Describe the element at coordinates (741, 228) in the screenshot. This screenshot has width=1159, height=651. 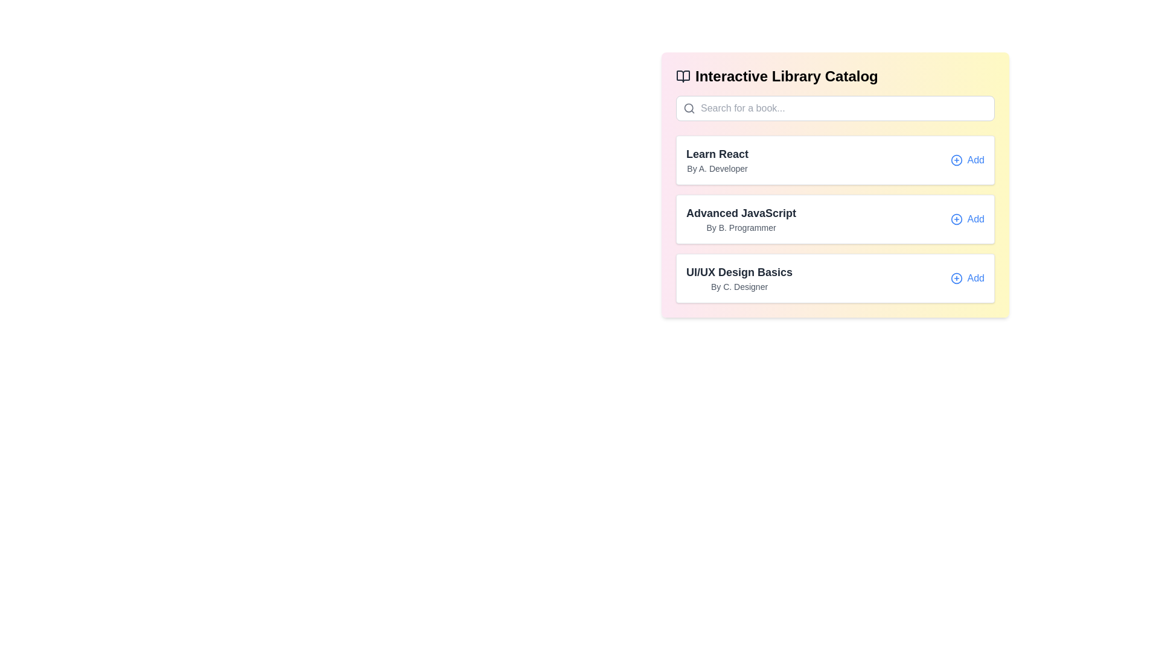
I see `the static text label that displays 'By B. Programmer.' located below the title 'Advanced JavaScript' in the interactive library catalog` at that location.